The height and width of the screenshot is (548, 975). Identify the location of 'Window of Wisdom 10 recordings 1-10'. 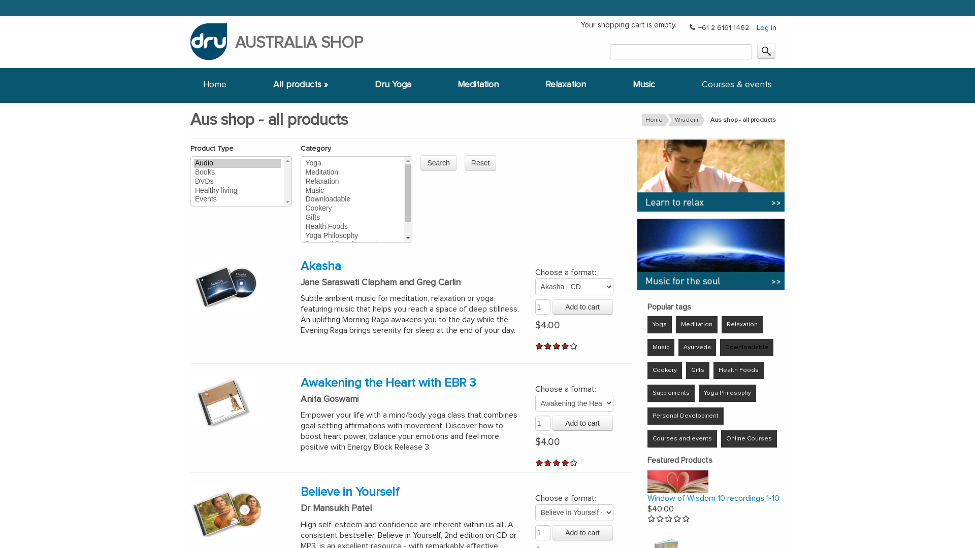
(713, 498).